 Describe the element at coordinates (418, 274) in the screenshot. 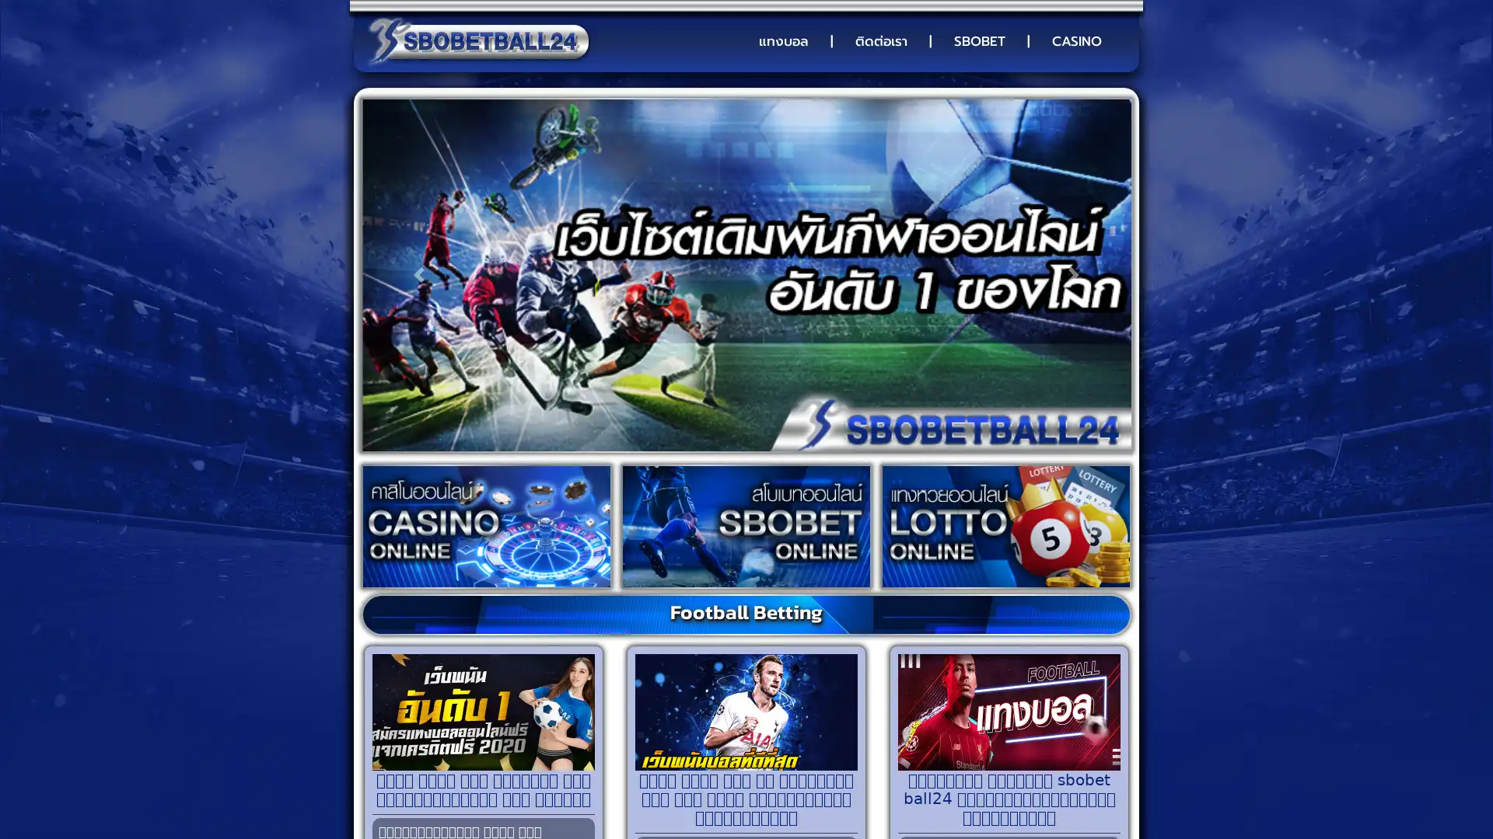

I see `Previous` at that location.